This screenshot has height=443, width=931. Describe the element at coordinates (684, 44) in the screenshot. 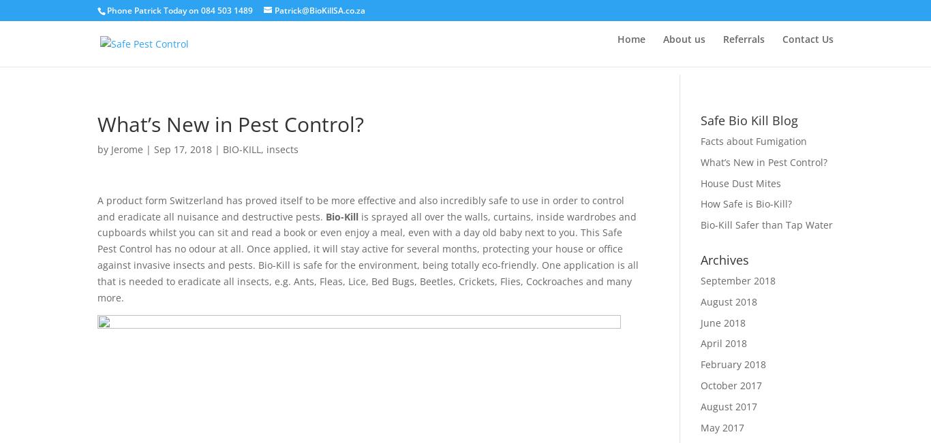

I see `'About us'` at that location.